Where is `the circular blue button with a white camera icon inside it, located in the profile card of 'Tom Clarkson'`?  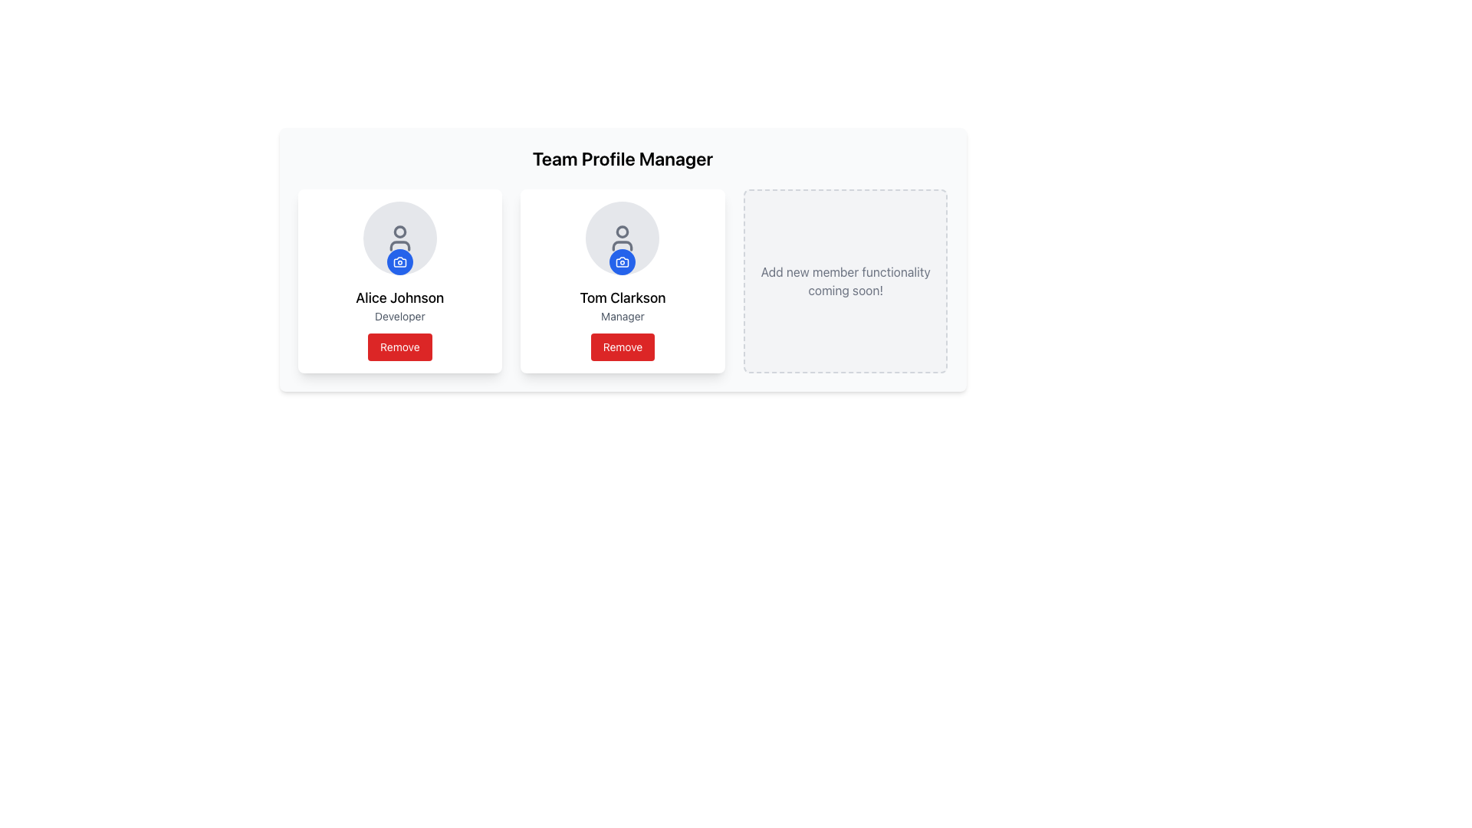
the circular blue button with a white camera icon inside it, located in the profile card of 'Tom Clarkson' is located at coordinates (623, 261).